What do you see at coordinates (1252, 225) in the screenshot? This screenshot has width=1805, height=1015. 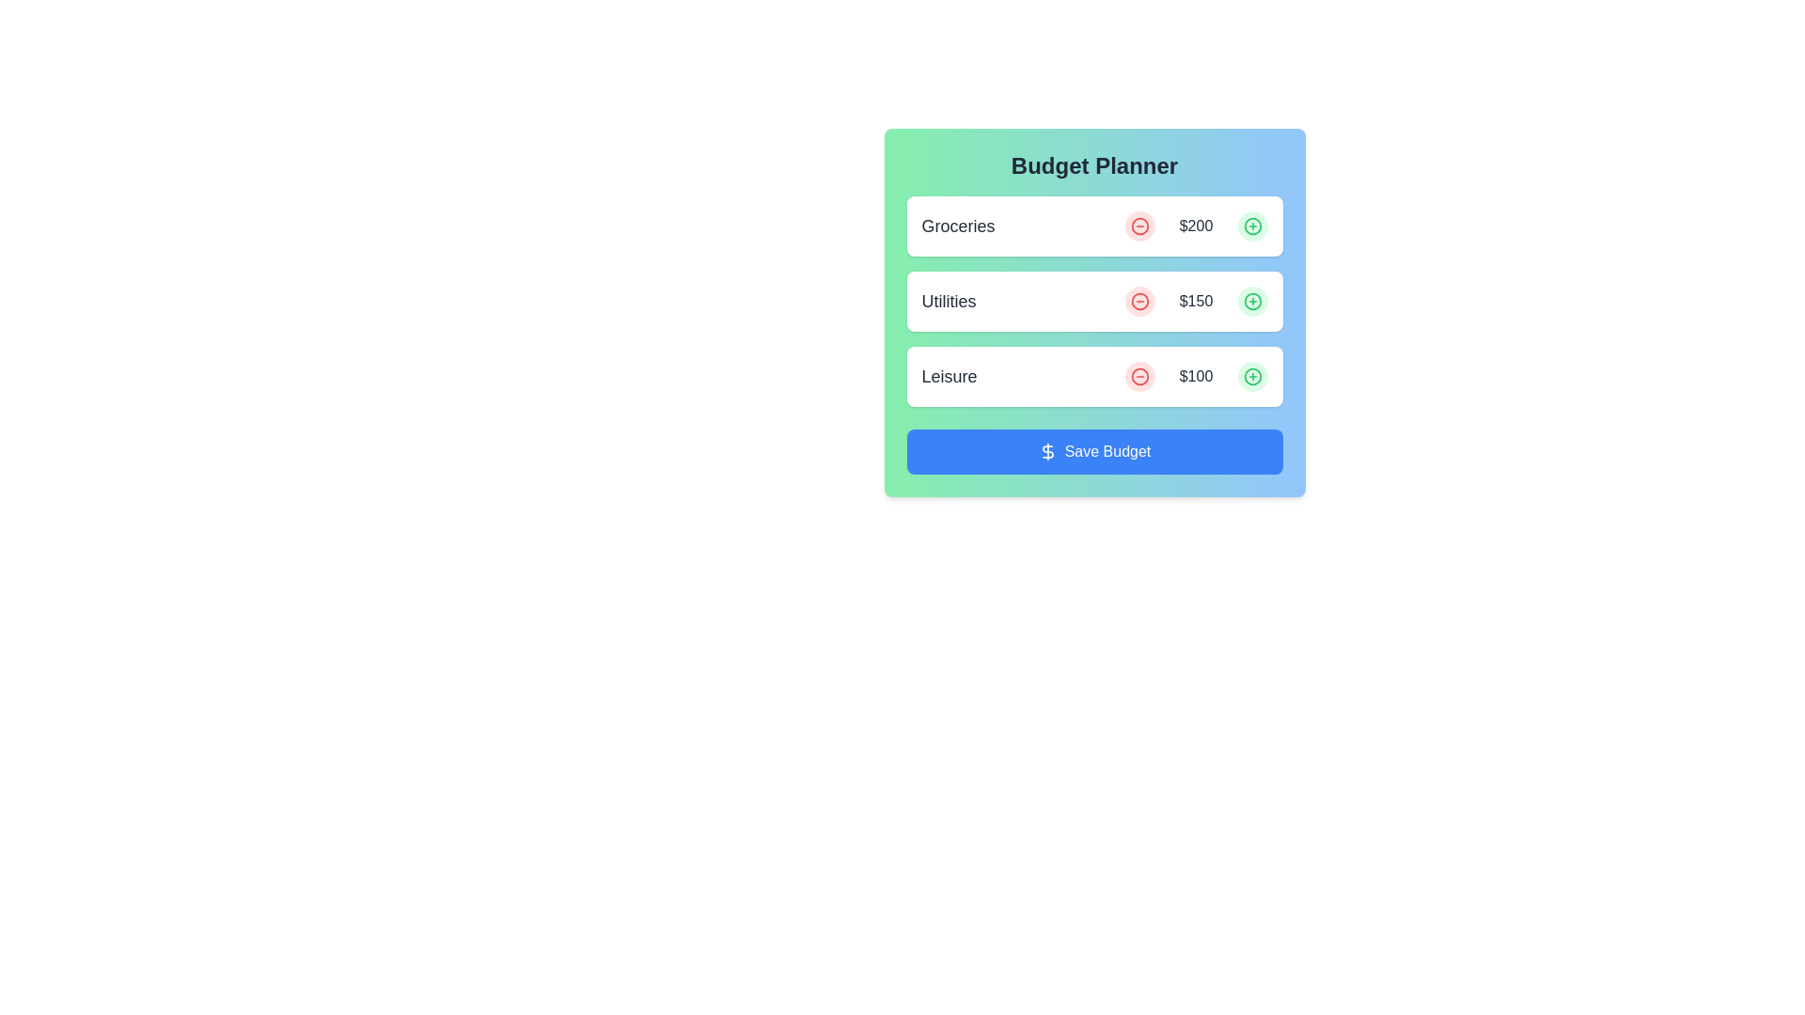 I see `the green circular button with a '+' icon located to the right of the '$200' text in the 'Groceries' row to increment the budget or add an item` at bounding box center [1252, 225].